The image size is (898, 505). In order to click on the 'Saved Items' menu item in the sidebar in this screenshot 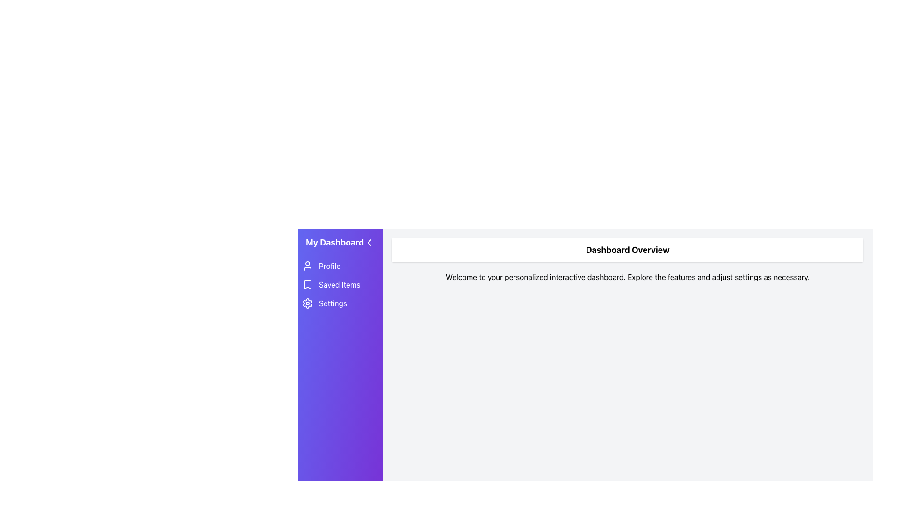, I will do `click(340, 284)`.